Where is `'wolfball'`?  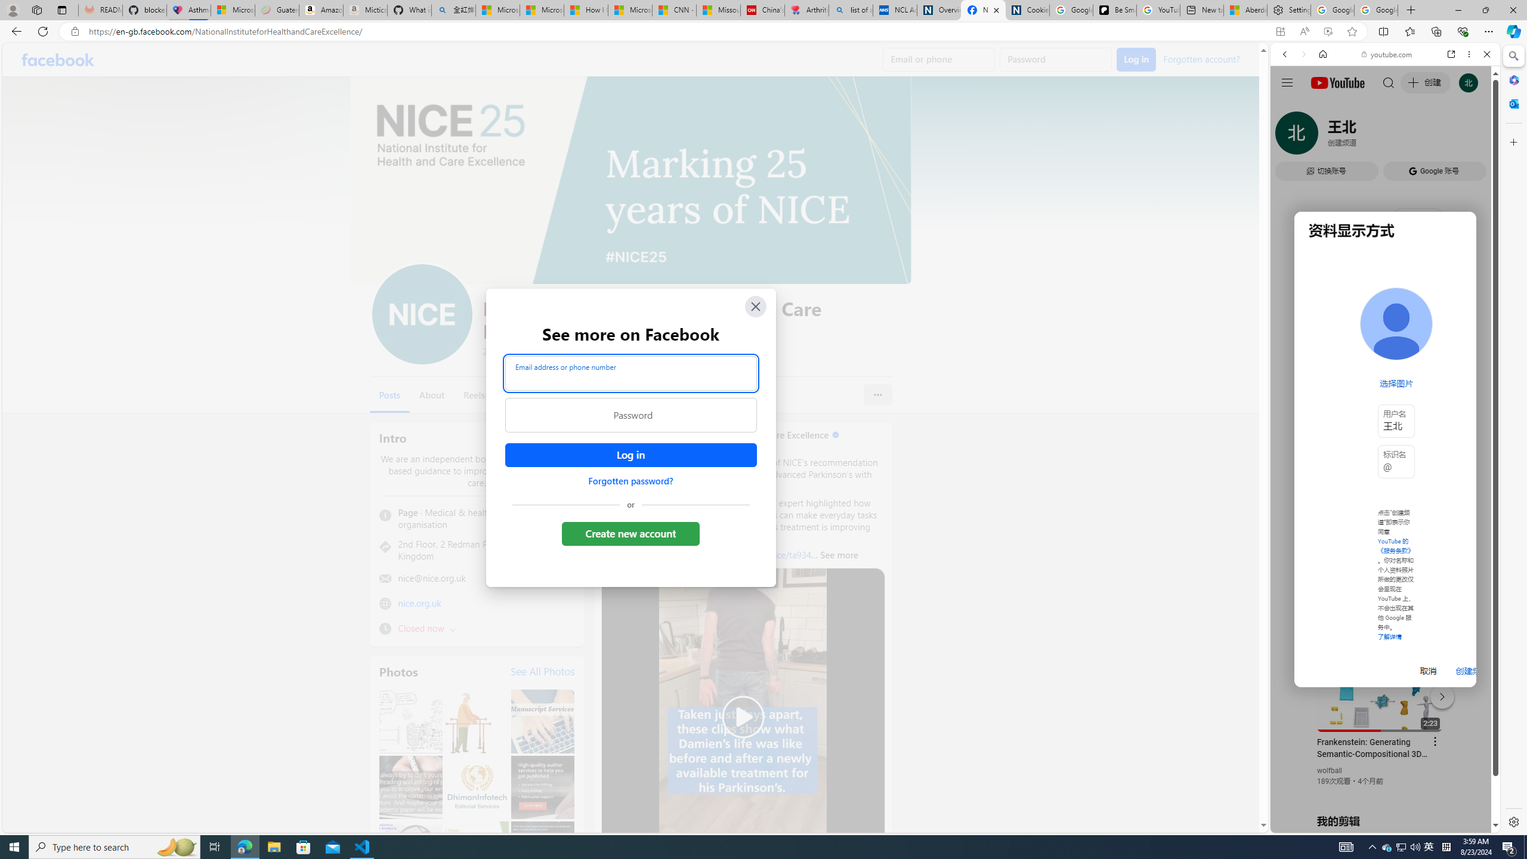 'wolfball' is located at coordinates (1330, 770).